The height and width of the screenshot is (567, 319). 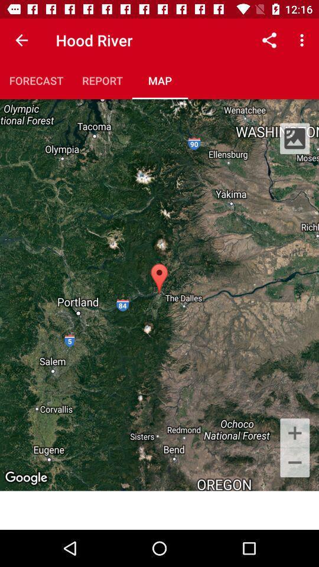 What do you see at coordinates (294, 463) in the screenshot?
I see `the minus icon` at bounding box center [294, 463].